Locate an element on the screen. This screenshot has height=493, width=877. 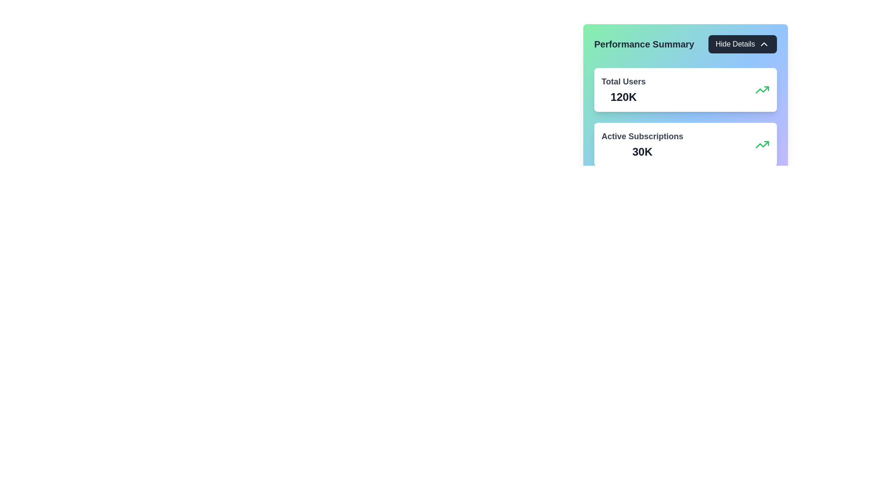
displayed information from the 'Active Subscriptions' informational panel, which shows a value of 30K and is located in the 'Performance Summary' card is located at coordinates (686, 128).